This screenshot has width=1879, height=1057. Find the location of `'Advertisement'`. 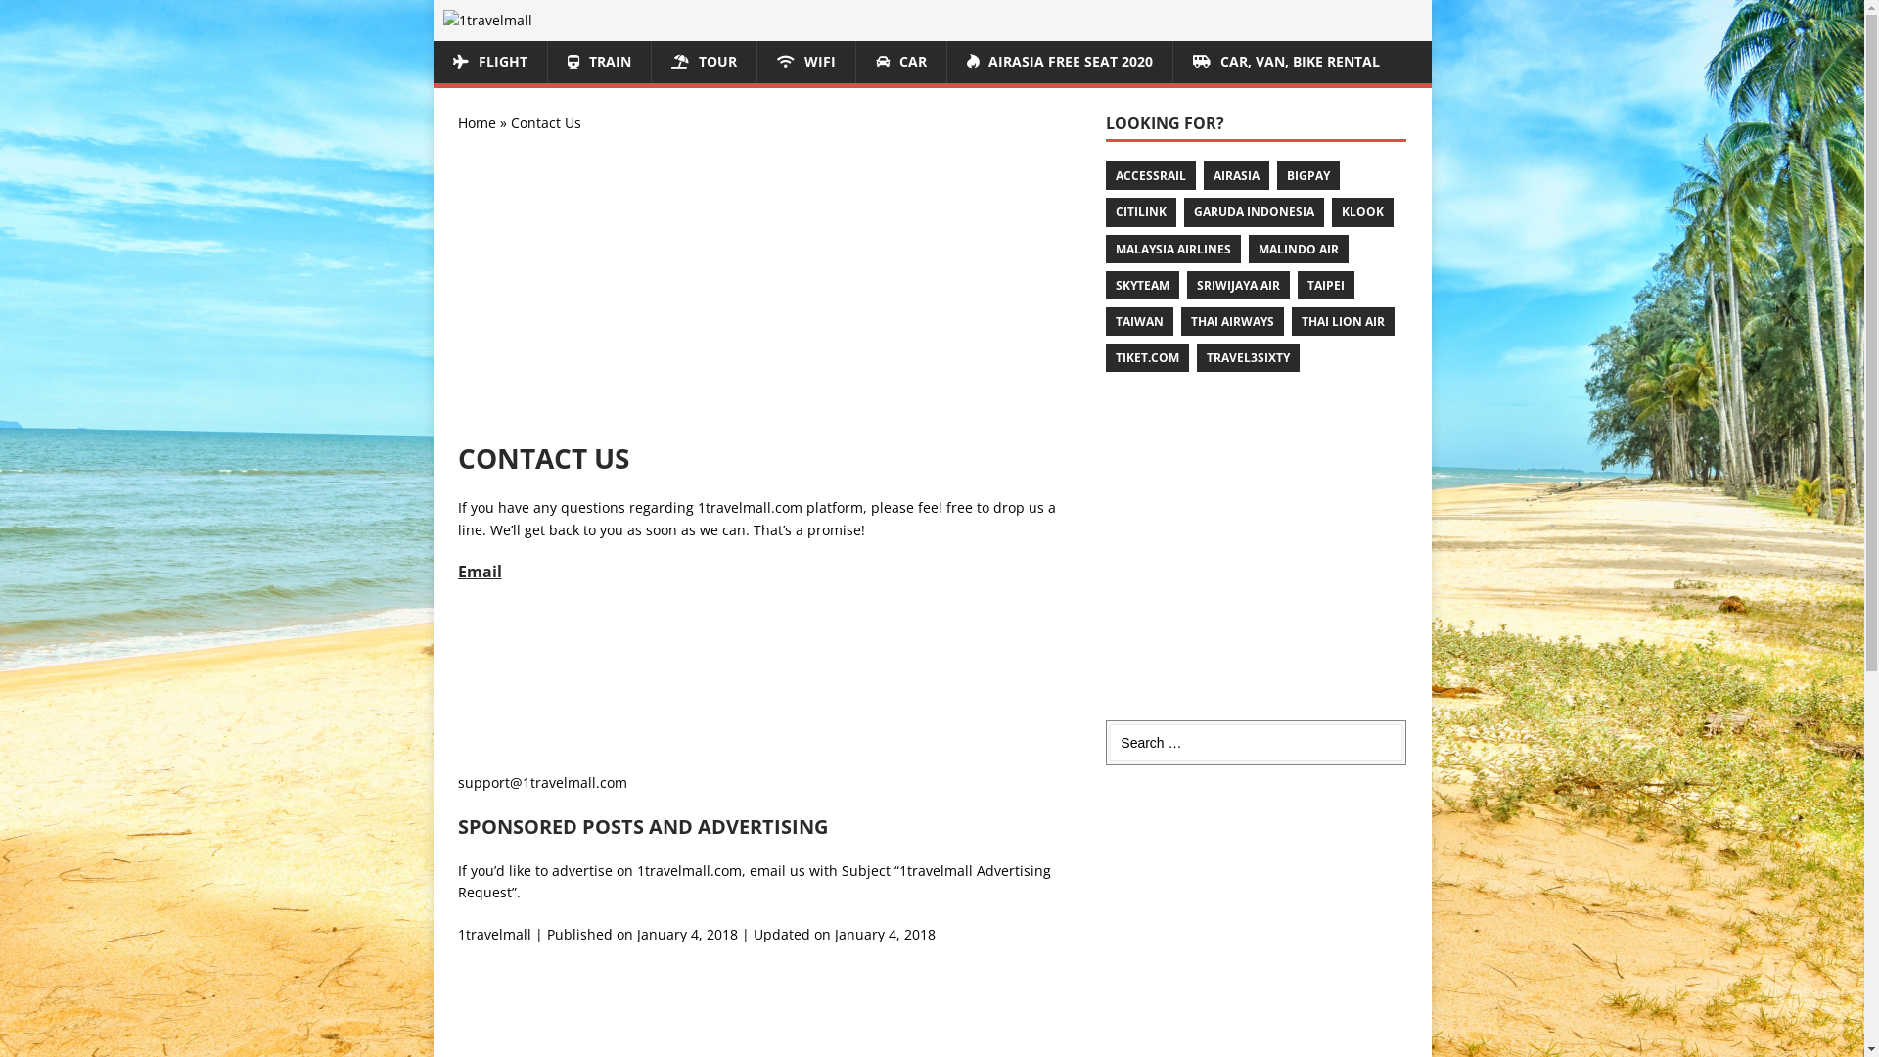

'Advertisement' is located at coordinates (769, 293).